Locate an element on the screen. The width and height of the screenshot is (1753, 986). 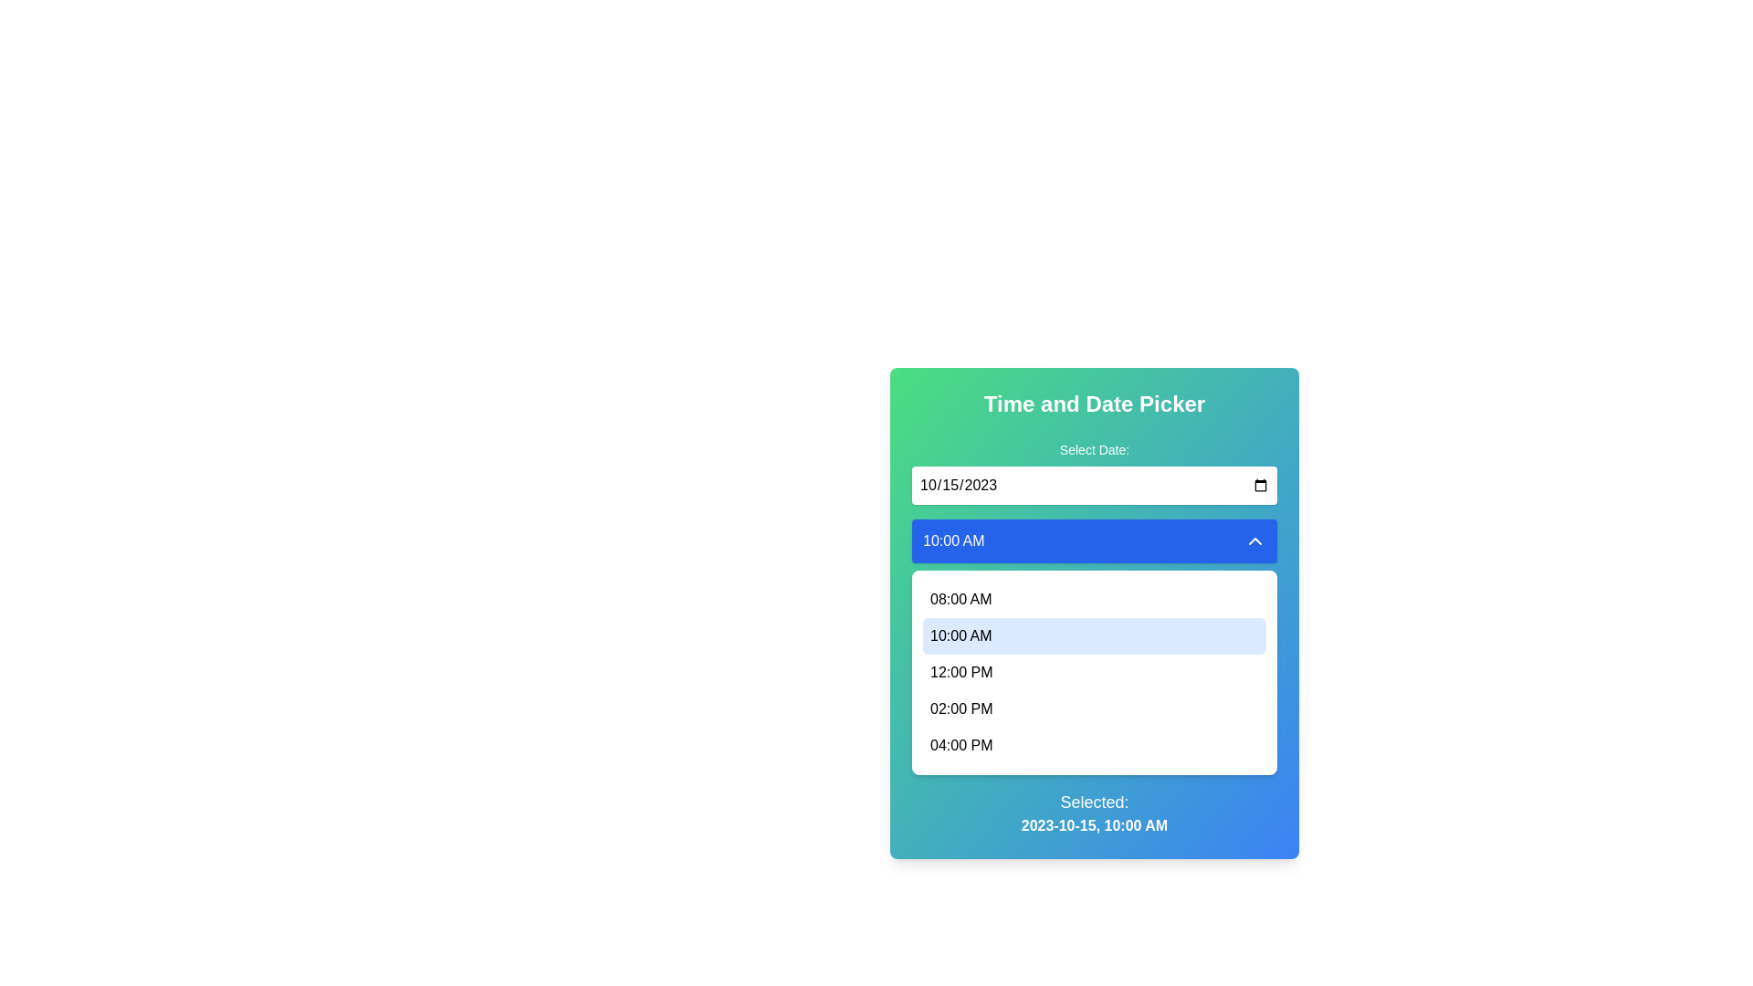
the selectable list item for '02:00 PM' in the dropdown menu of the time picker, which is positioned below '12:00 PM' and above '04:00 PM' is located at coordinates (960, 708).